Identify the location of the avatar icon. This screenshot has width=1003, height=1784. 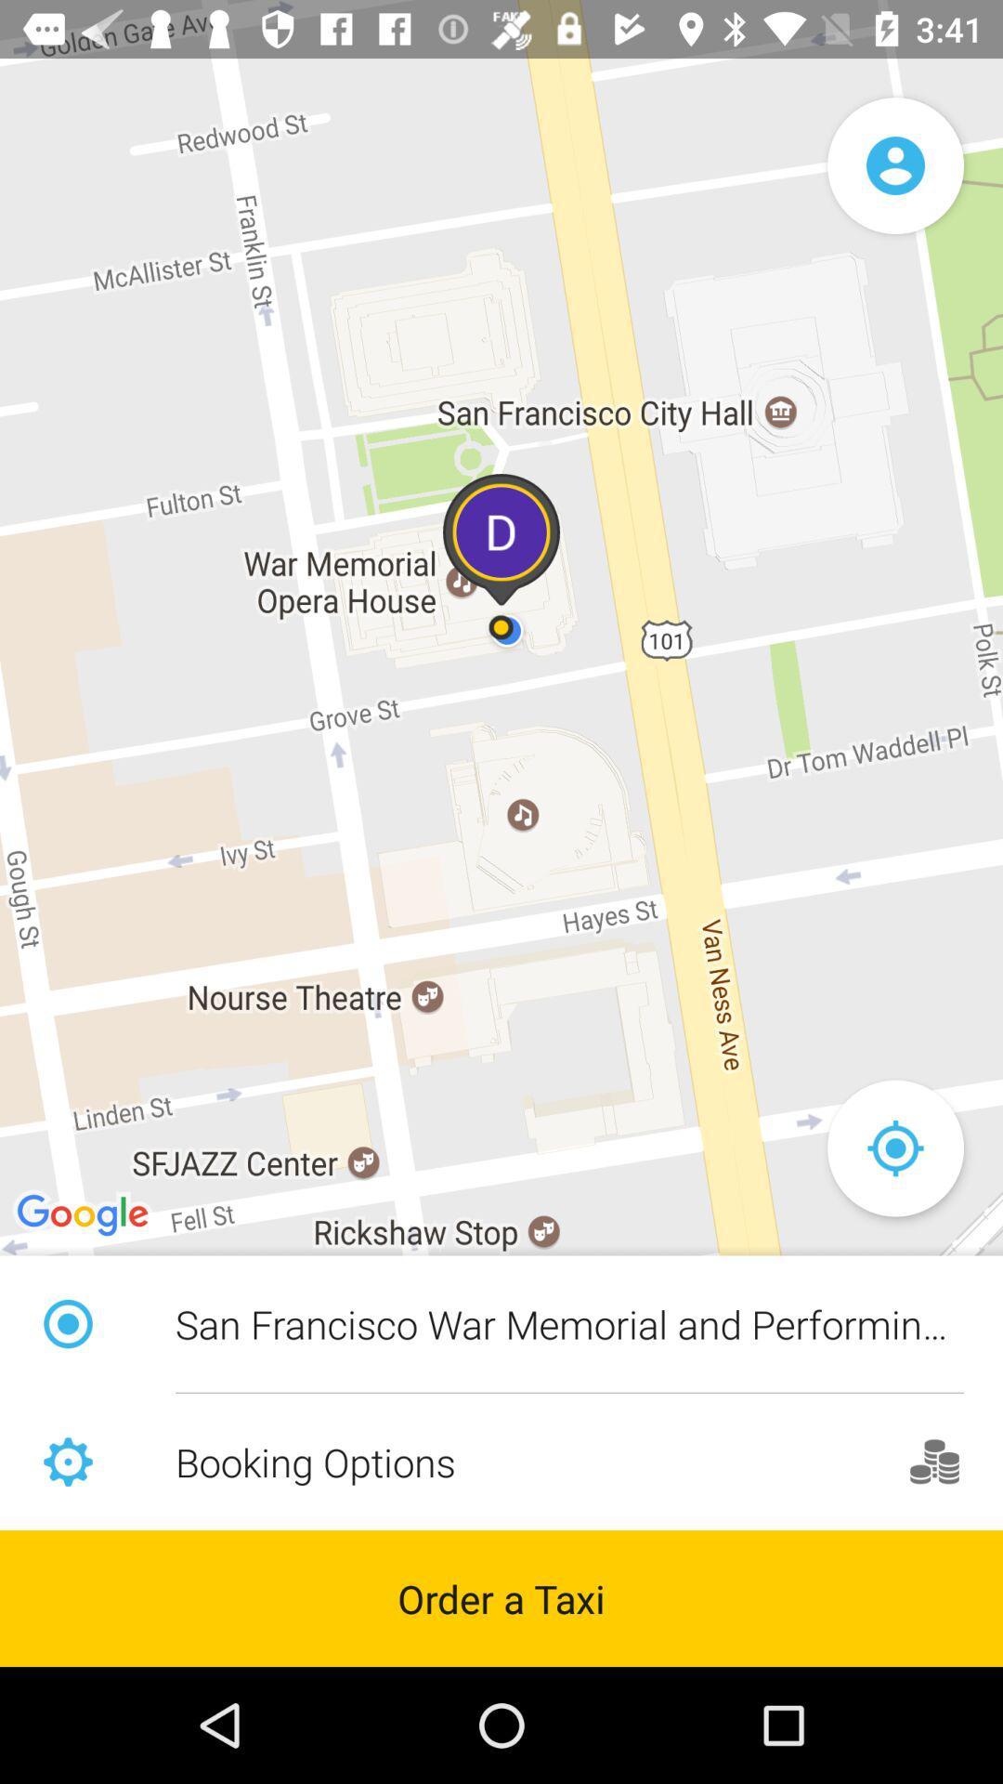
(894, 165).